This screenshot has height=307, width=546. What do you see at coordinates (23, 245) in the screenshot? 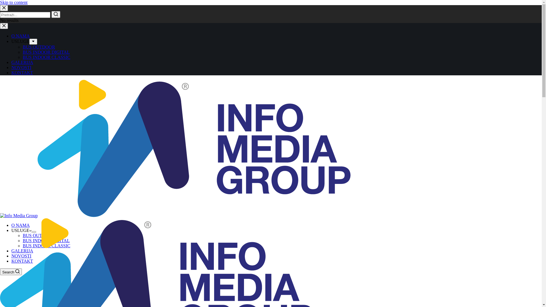
I see `'BUS INDOOR CLASSIC'` at bounding box center [23, 245].